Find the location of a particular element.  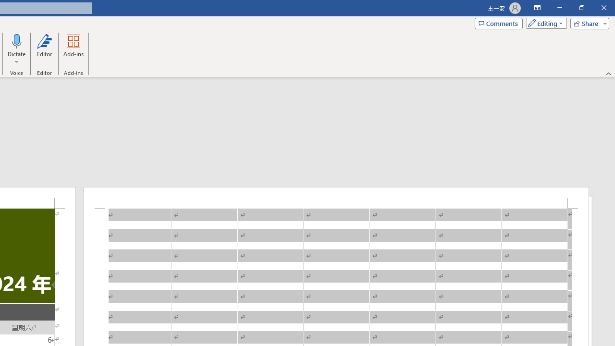

'Header -Section 1-' is located at coordinates (336, 197).